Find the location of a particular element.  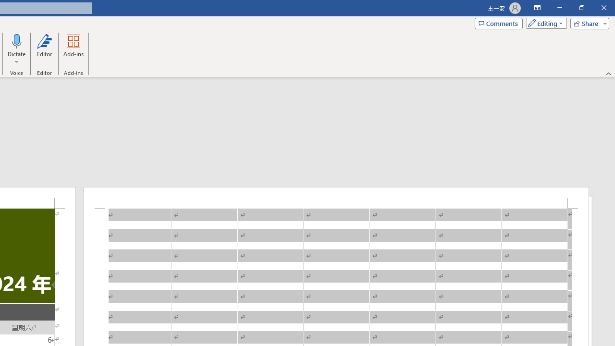

'Header -Section 1-' is located at coordinates (336, 197).